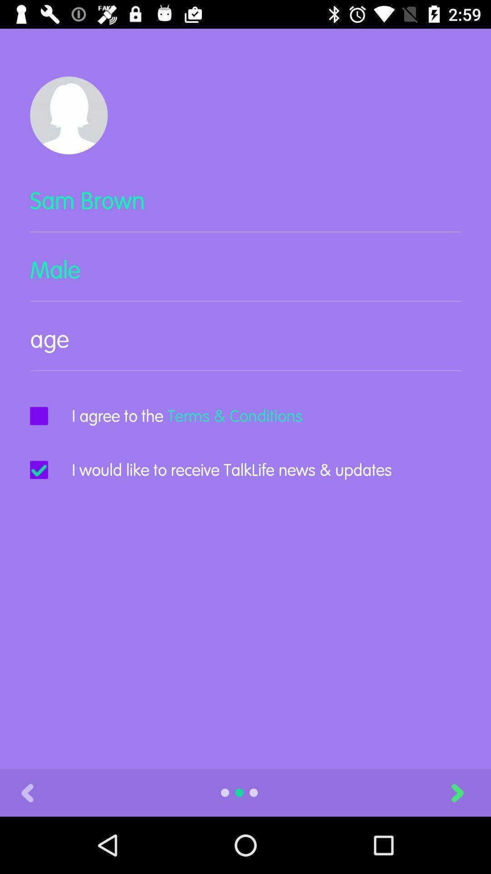 The width and height of the screenshot is (491, 874). What do you see at coordinates (68, 115) in the screenshot?
I see `the icon at the top left corner` at bounding box center [68, 115].